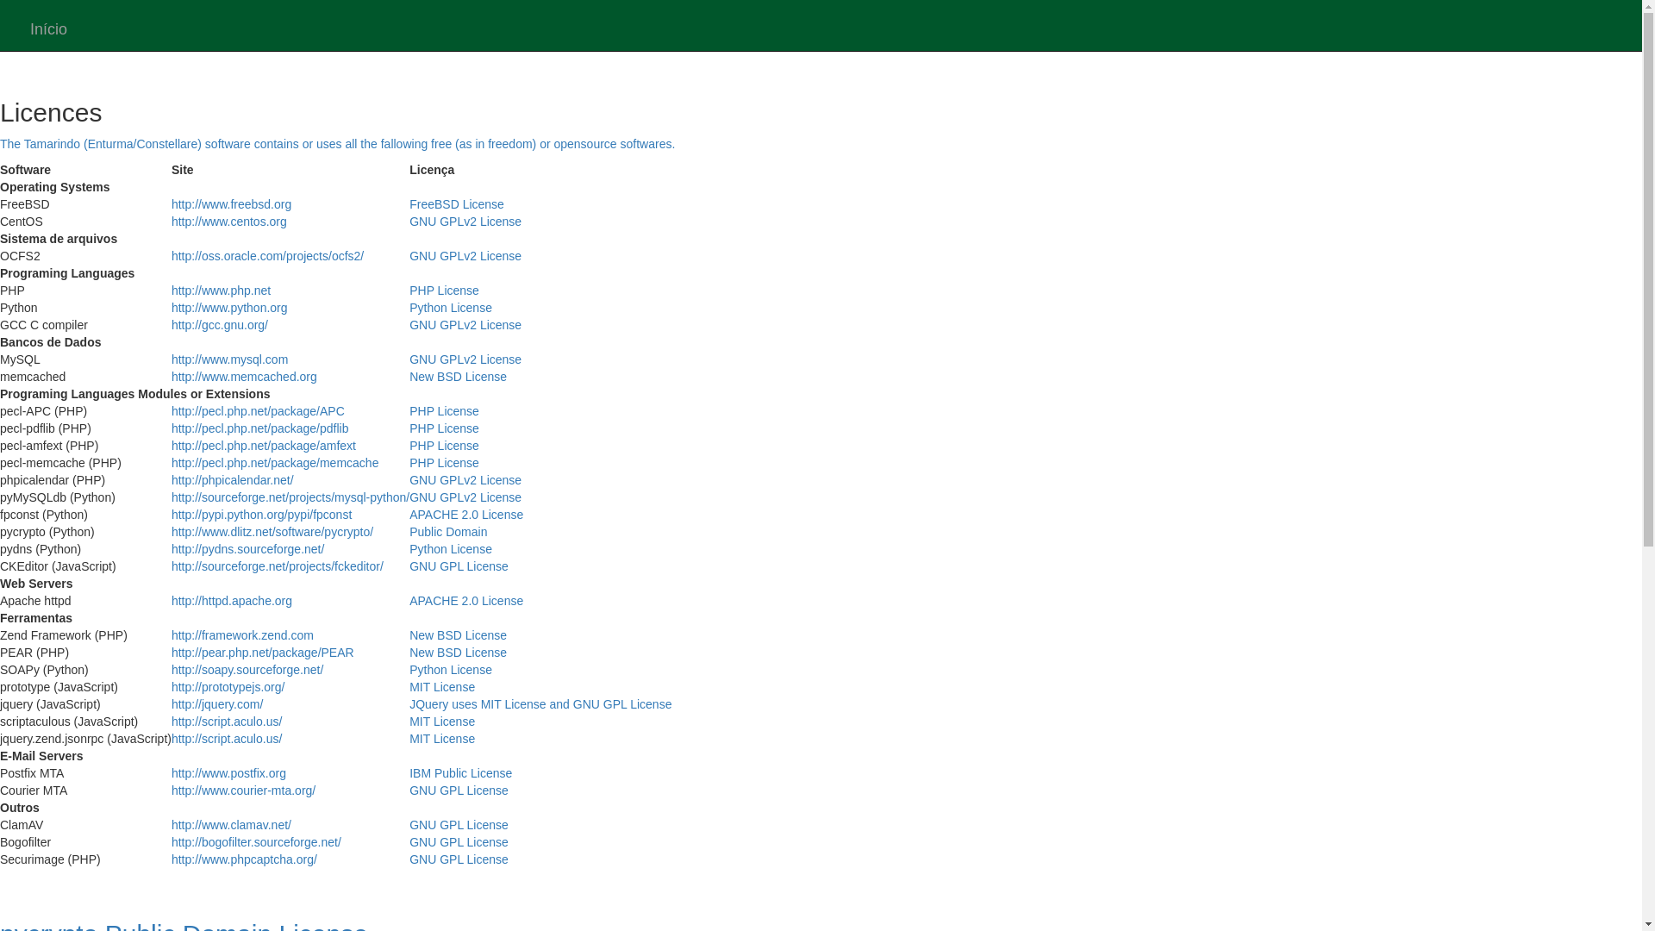 The width and height of the screenshot is (1655, 931). What do you see at coordinates (290, 497) in the screenshot?
I see `'http://sourceforge.net/projects/mysql-python/'` at bounding box center [290, 497].